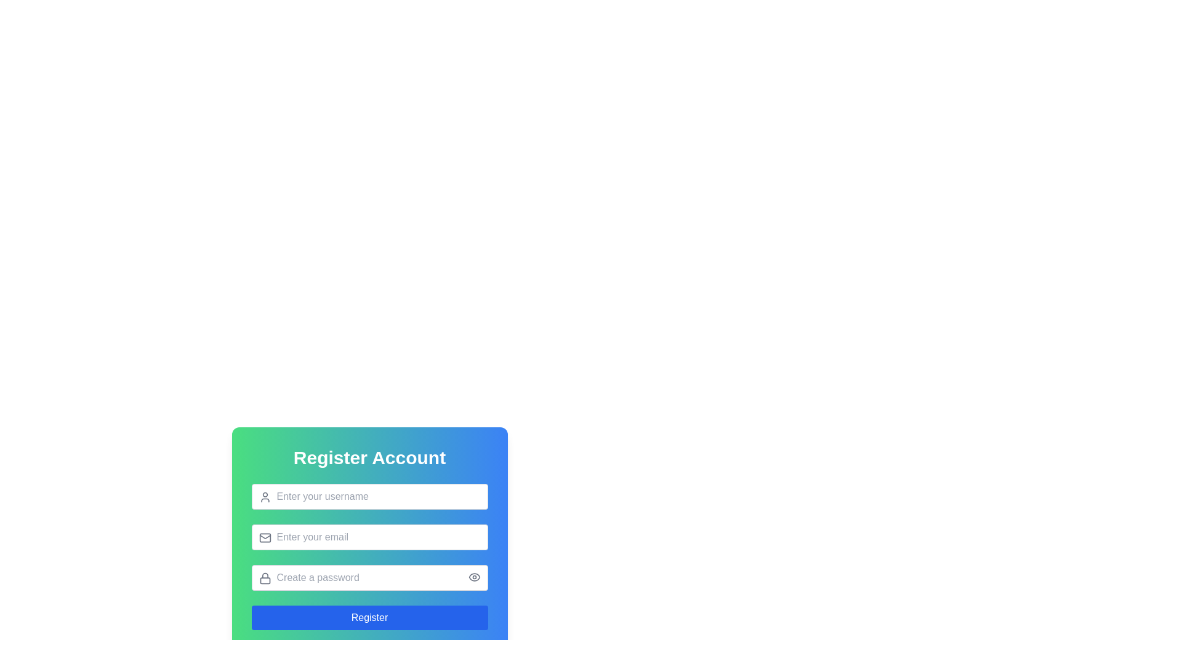 This screenshot has width=1182, height=664. Describe the element at coordinates (264, 497) in the screenshot. I see `the user icon styled in gray, located at the left side of the 'Enter your username' input field within the 'Register Account' form` at that location.